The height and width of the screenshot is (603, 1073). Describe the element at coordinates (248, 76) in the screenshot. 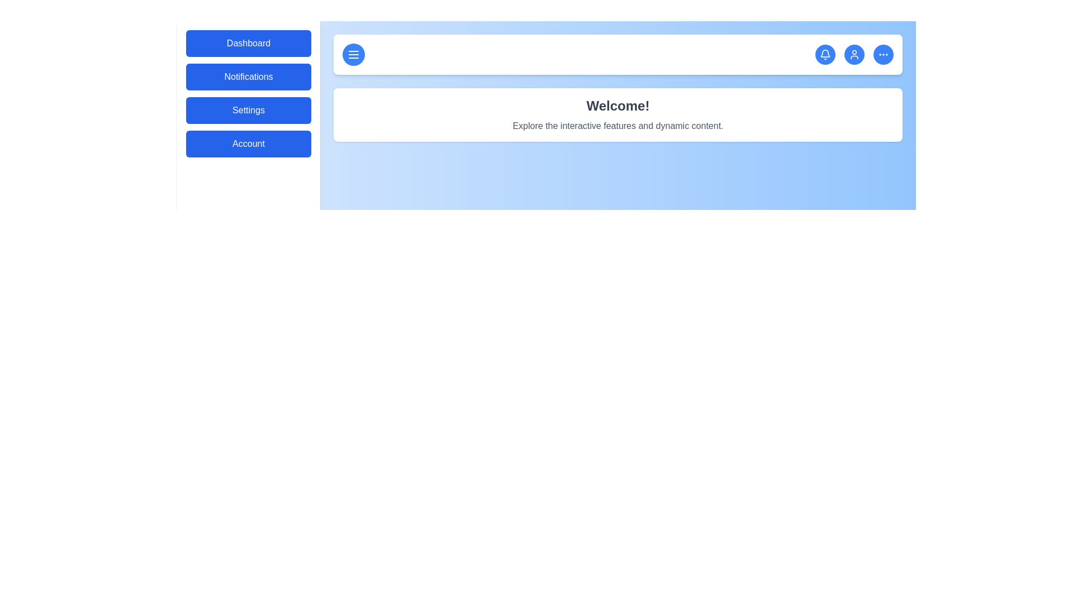

I see `the 'Notifications' menu item` at that location.